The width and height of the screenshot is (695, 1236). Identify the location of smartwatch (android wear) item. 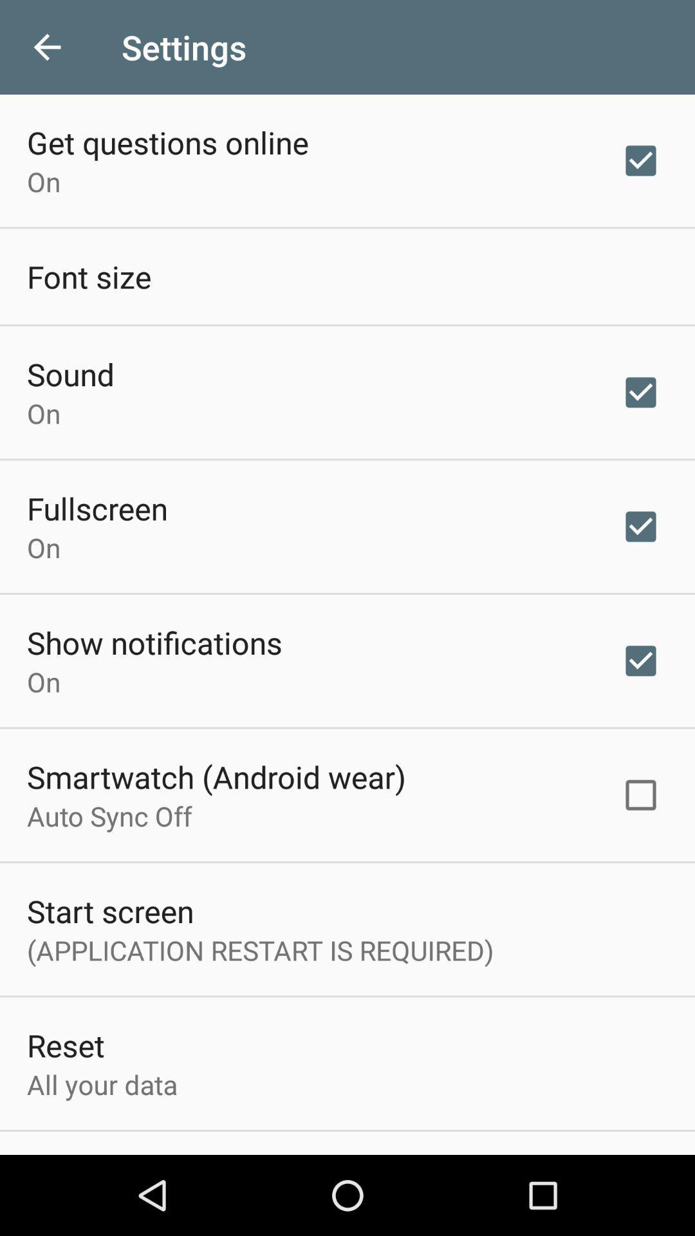
(216, 776).